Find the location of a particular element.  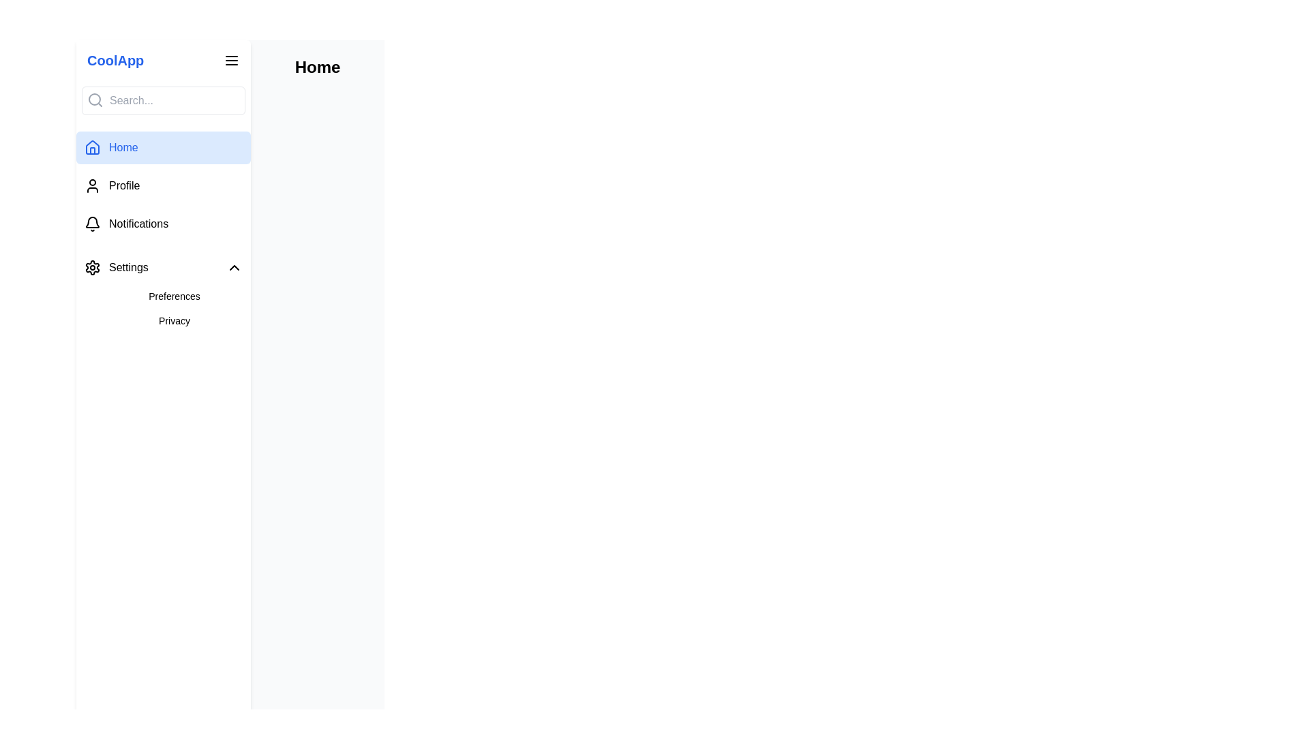

the search textbox located below the title 'CoolApp' in the vertical sidebar is located at coordinates (164, 99).